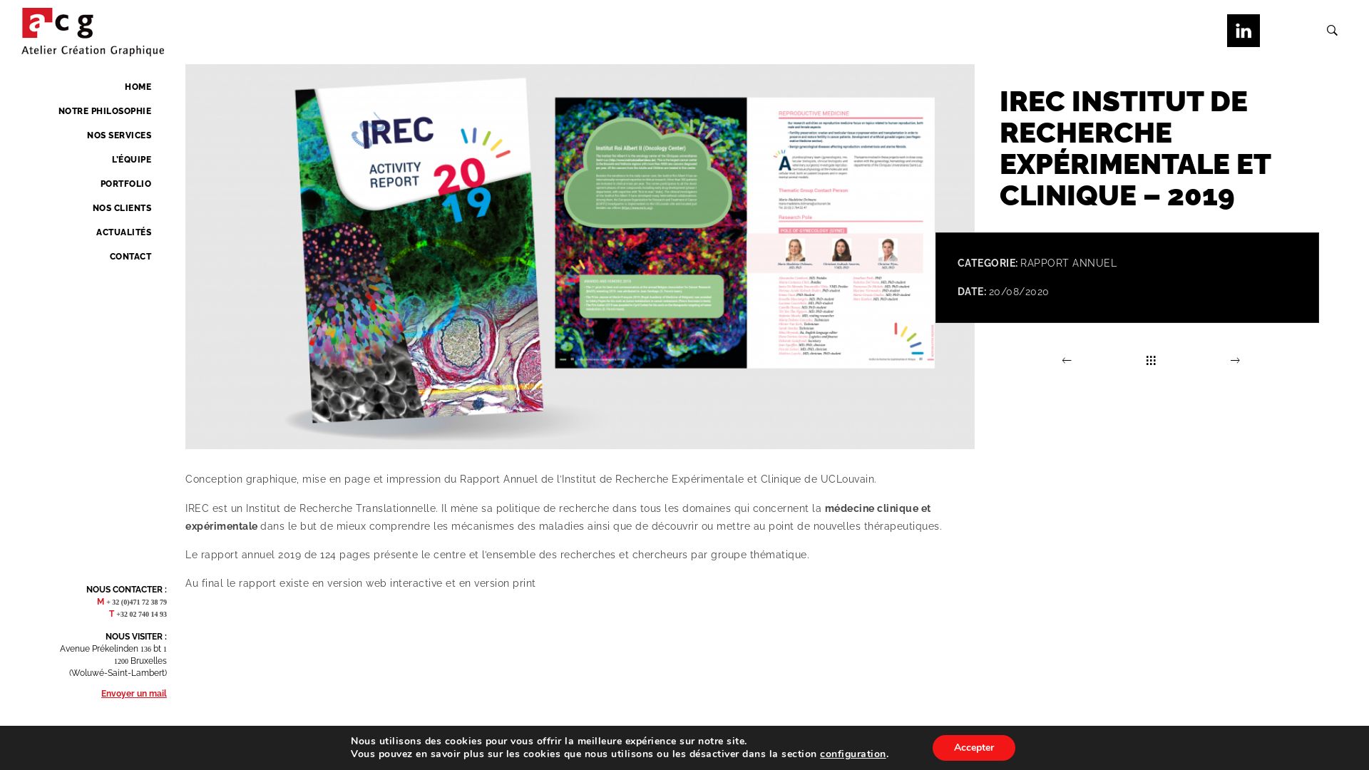  What do you see at coordinates (702, 401) in the screenshot?
I see `'Search'` at bounding box center [702, 401].